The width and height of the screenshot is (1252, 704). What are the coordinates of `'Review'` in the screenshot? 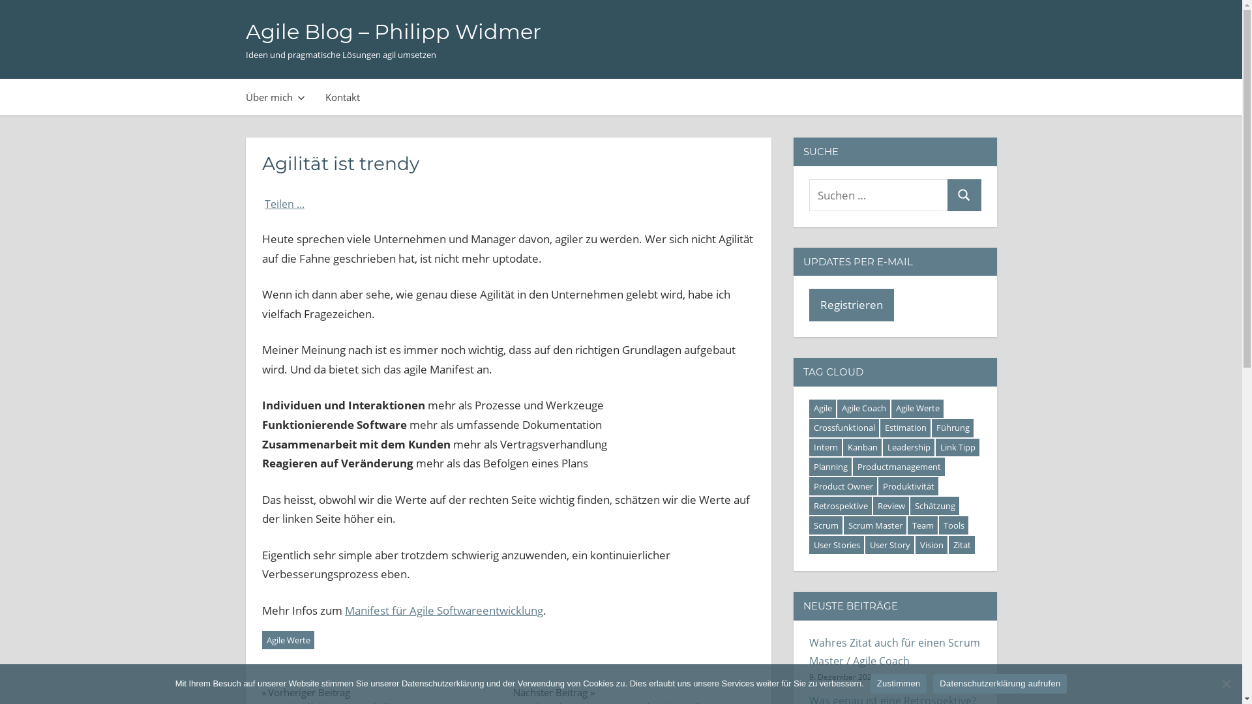 It's located at (890, 505).